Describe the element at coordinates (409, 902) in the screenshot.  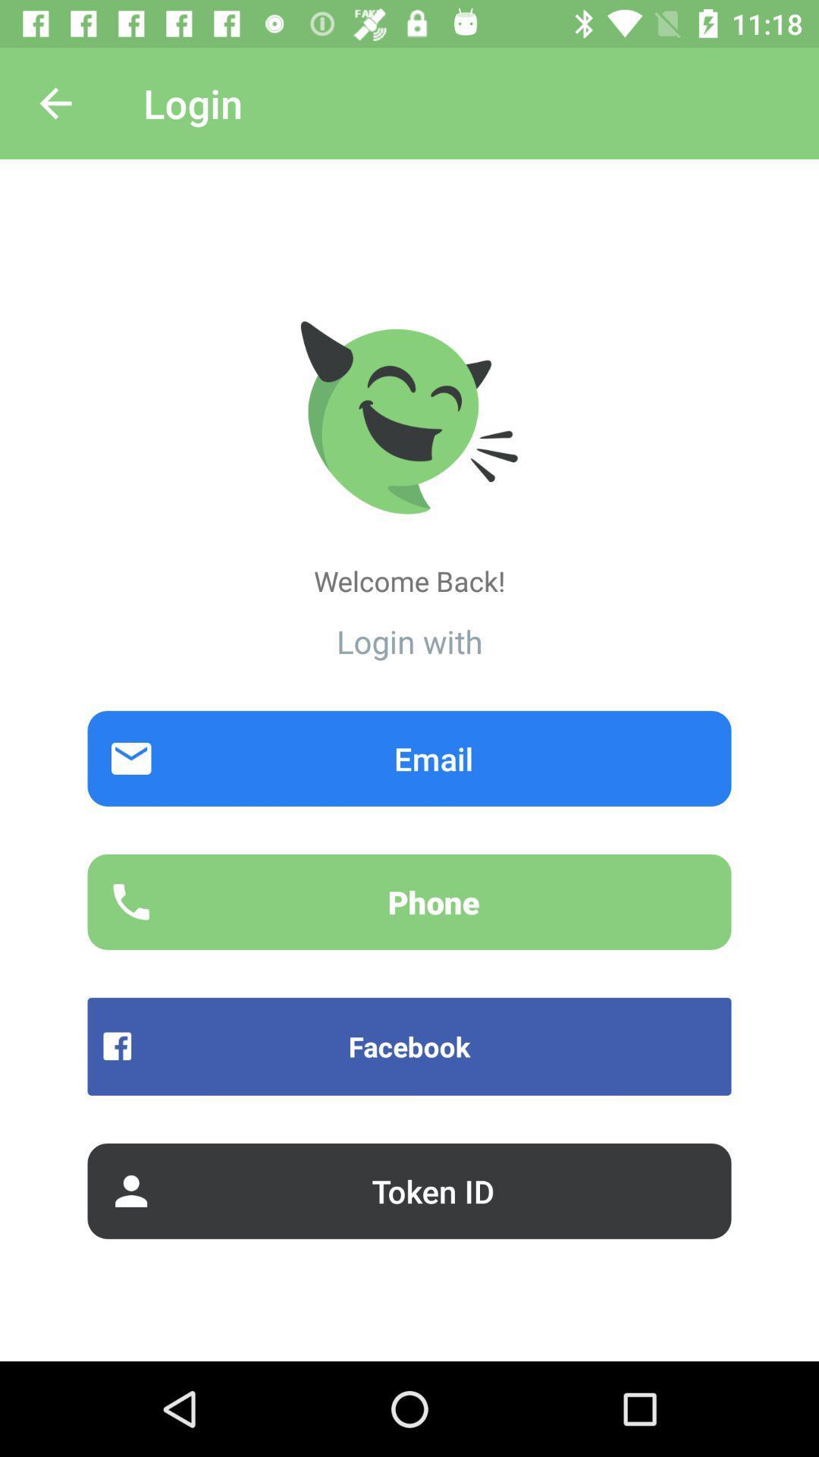
I see `the item above the facebook` at that location.